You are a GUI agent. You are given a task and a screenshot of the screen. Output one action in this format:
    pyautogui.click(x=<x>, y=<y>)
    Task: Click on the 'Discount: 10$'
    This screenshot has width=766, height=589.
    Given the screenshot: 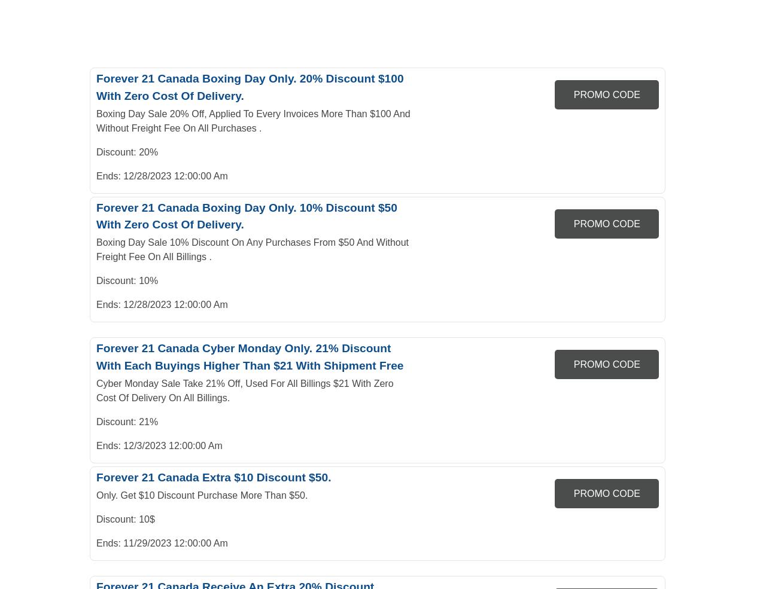 What is the action you would take?
    pyautogui.click(x=125, y=518)
    